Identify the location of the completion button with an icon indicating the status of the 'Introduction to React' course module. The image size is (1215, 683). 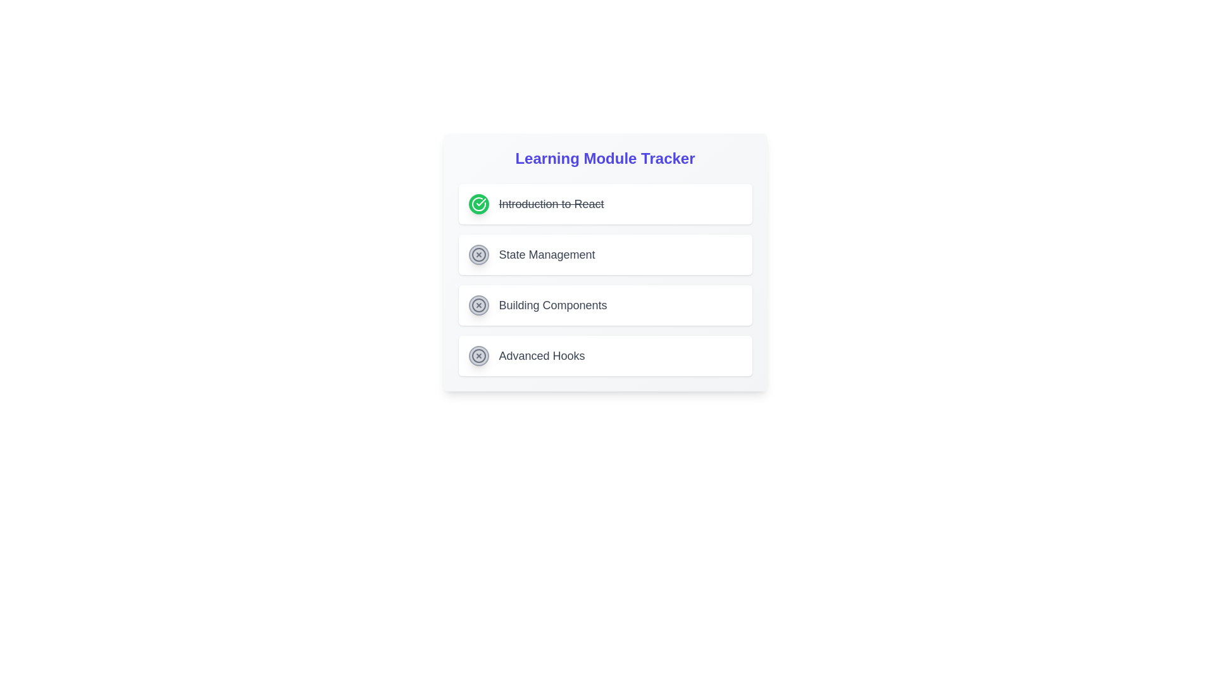
(478, 204).